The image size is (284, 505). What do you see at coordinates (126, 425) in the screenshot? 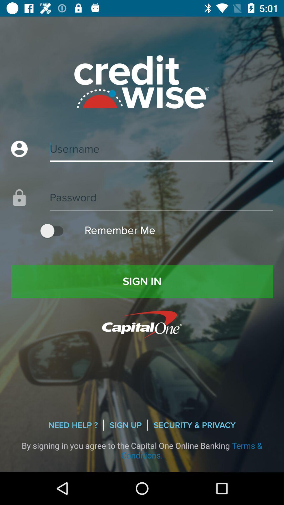
I see `the sign up icon` at bounding box center [126, 425].